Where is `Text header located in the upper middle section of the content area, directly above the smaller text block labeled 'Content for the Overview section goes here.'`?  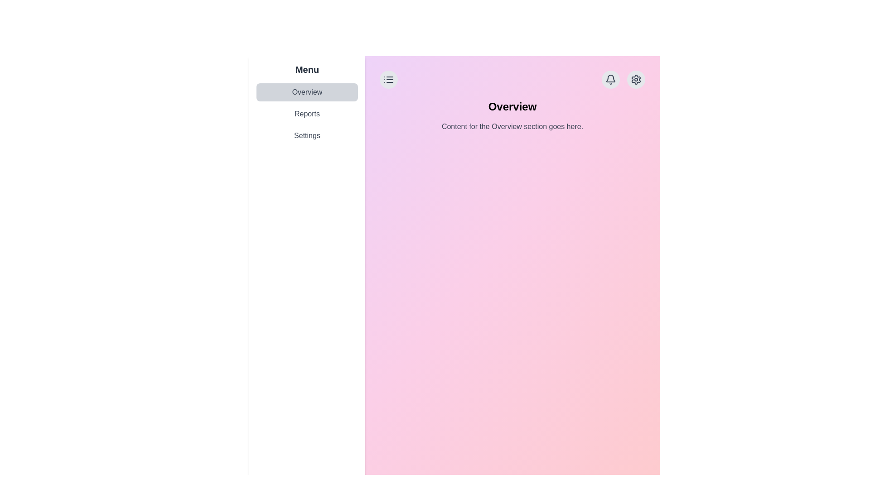
Text header located in the upper middle section of the content area, directly above the smaller text block labeled 'Content for the Overview section goes here.' is located at coordinates (512, 106).